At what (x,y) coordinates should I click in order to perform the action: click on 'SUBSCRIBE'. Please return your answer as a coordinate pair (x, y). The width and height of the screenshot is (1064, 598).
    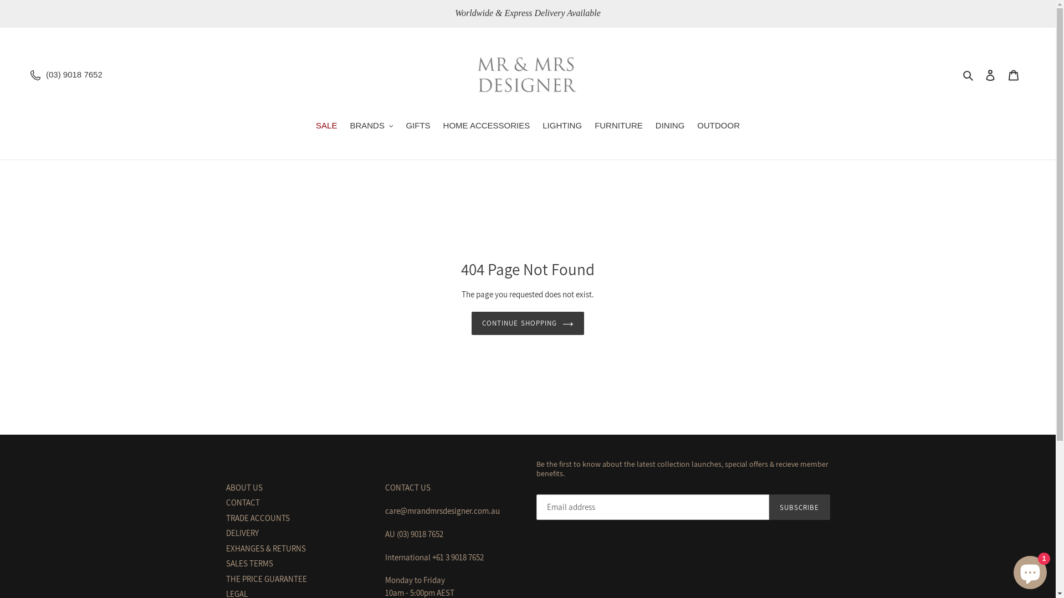
    Looking at the image, I should click on (799, 507).